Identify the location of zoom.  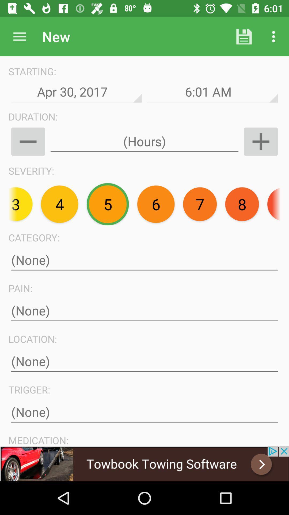
(28, 142).